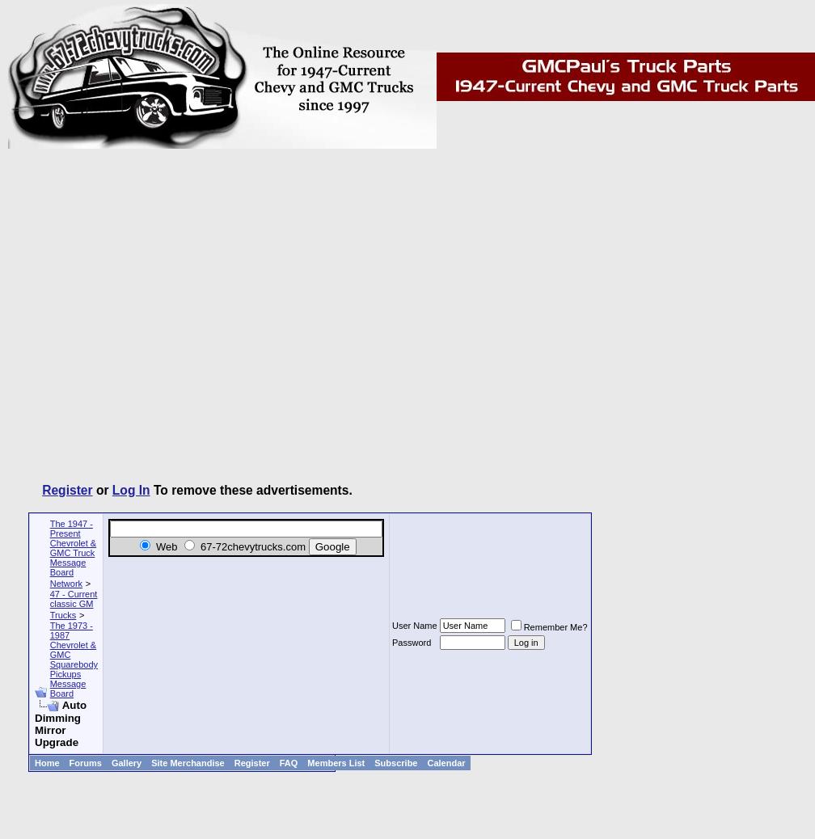 The width and height of the screenshot is (815, 839). I want to click on '47 - Current classic GM Trucks', so click(49, 603).